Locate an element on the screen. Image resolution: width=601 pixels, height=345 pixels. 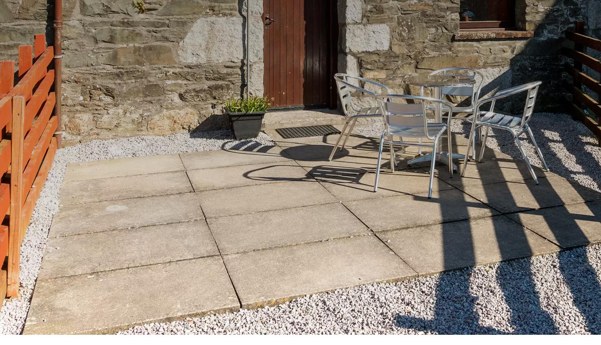
'Our Story' is located at coordinates (332, 231).